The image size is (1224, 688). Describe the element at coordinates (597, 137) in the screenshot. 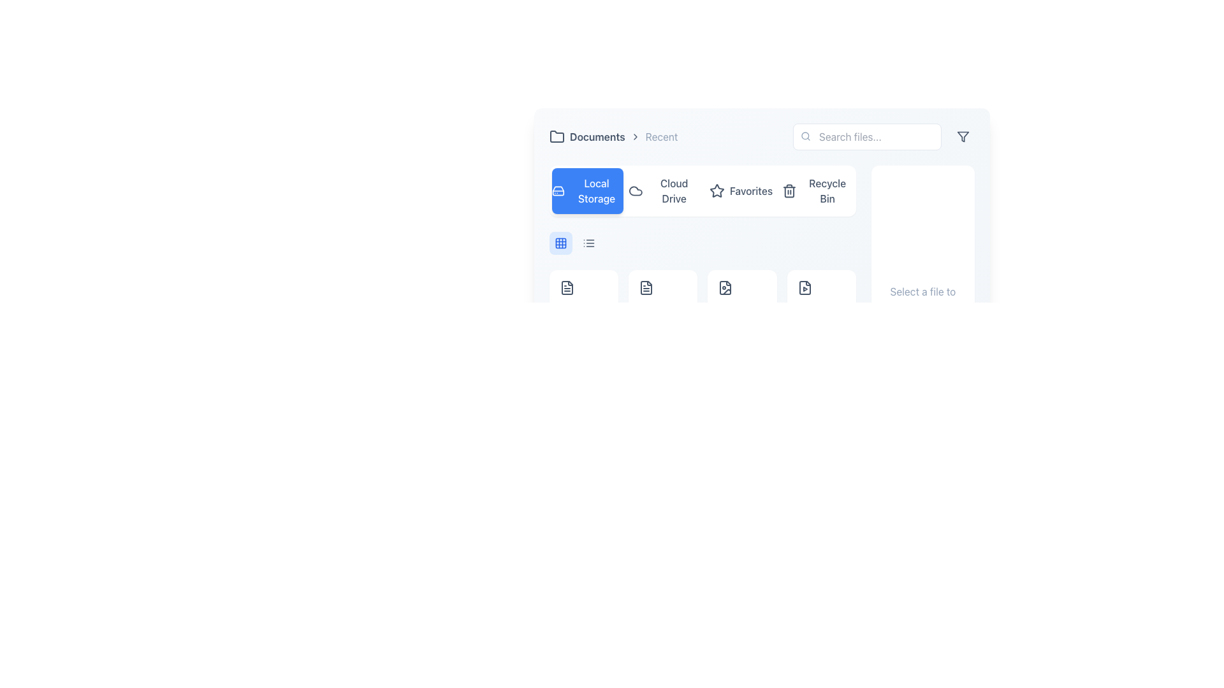

I see `the 'Documents' text label` at that location.